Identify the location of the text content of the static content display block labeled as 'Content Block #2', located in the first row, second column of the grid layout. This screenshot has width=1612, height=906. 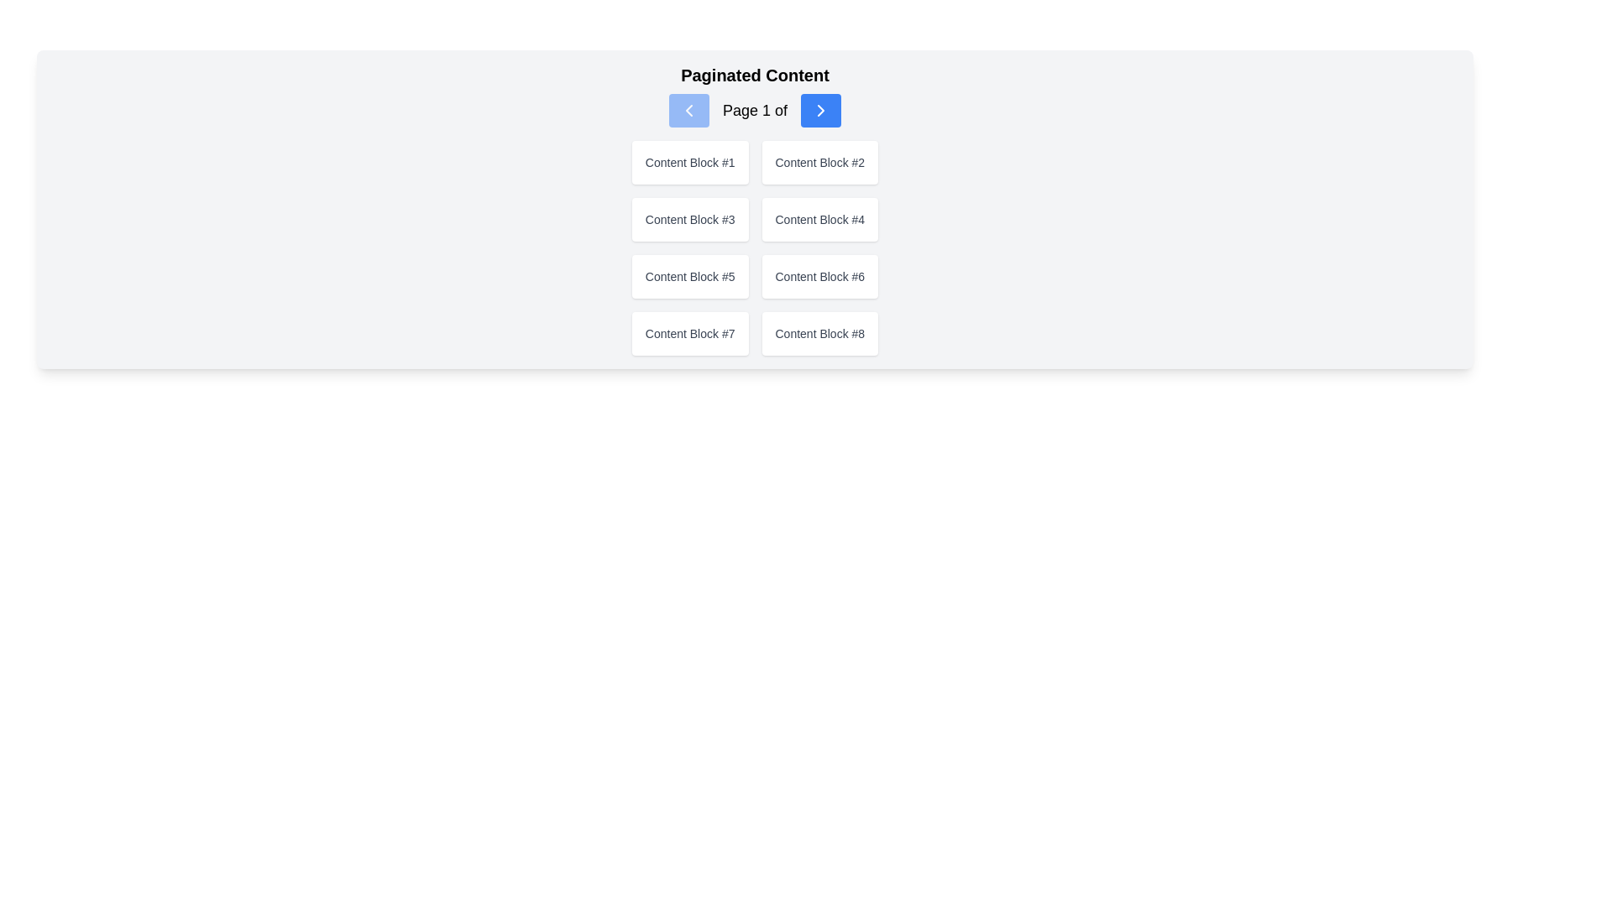
(819, 162).